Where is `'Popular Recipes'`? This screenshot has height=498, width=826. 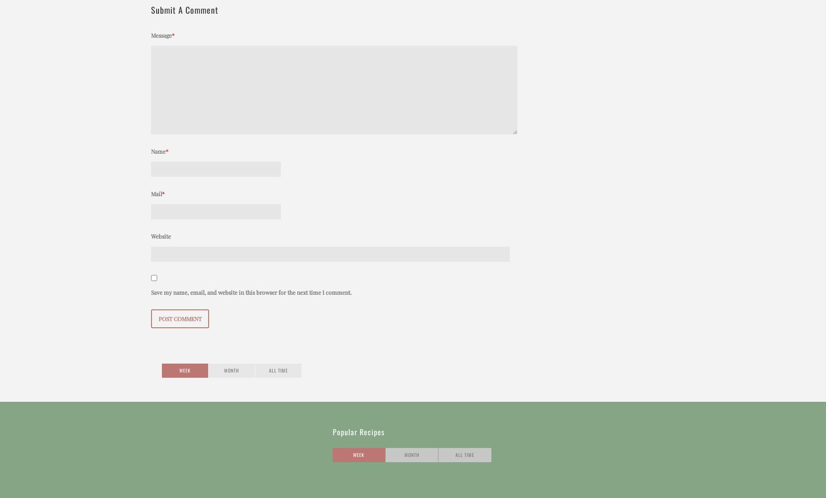 'Popular Recipes' is located at coordinates (357, 431).